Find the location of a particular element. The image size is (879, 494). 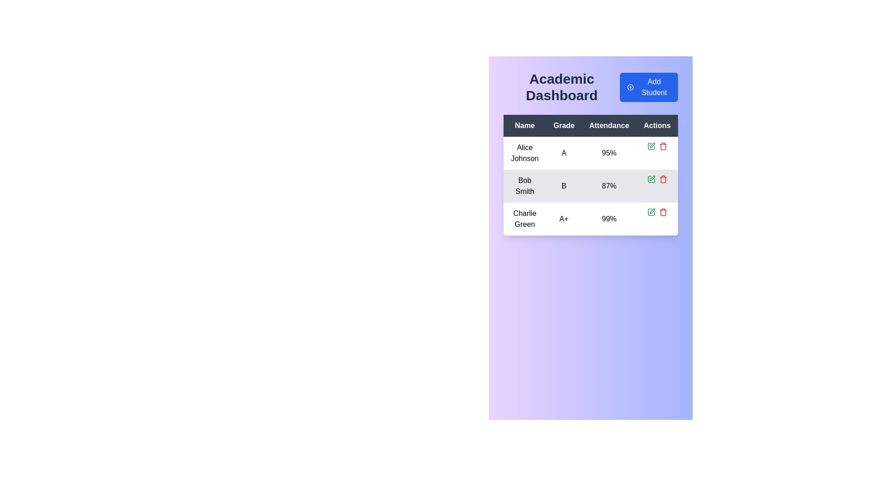

the pencil icon in the 'Actions' column of the table is located at coordinates (651, 178).